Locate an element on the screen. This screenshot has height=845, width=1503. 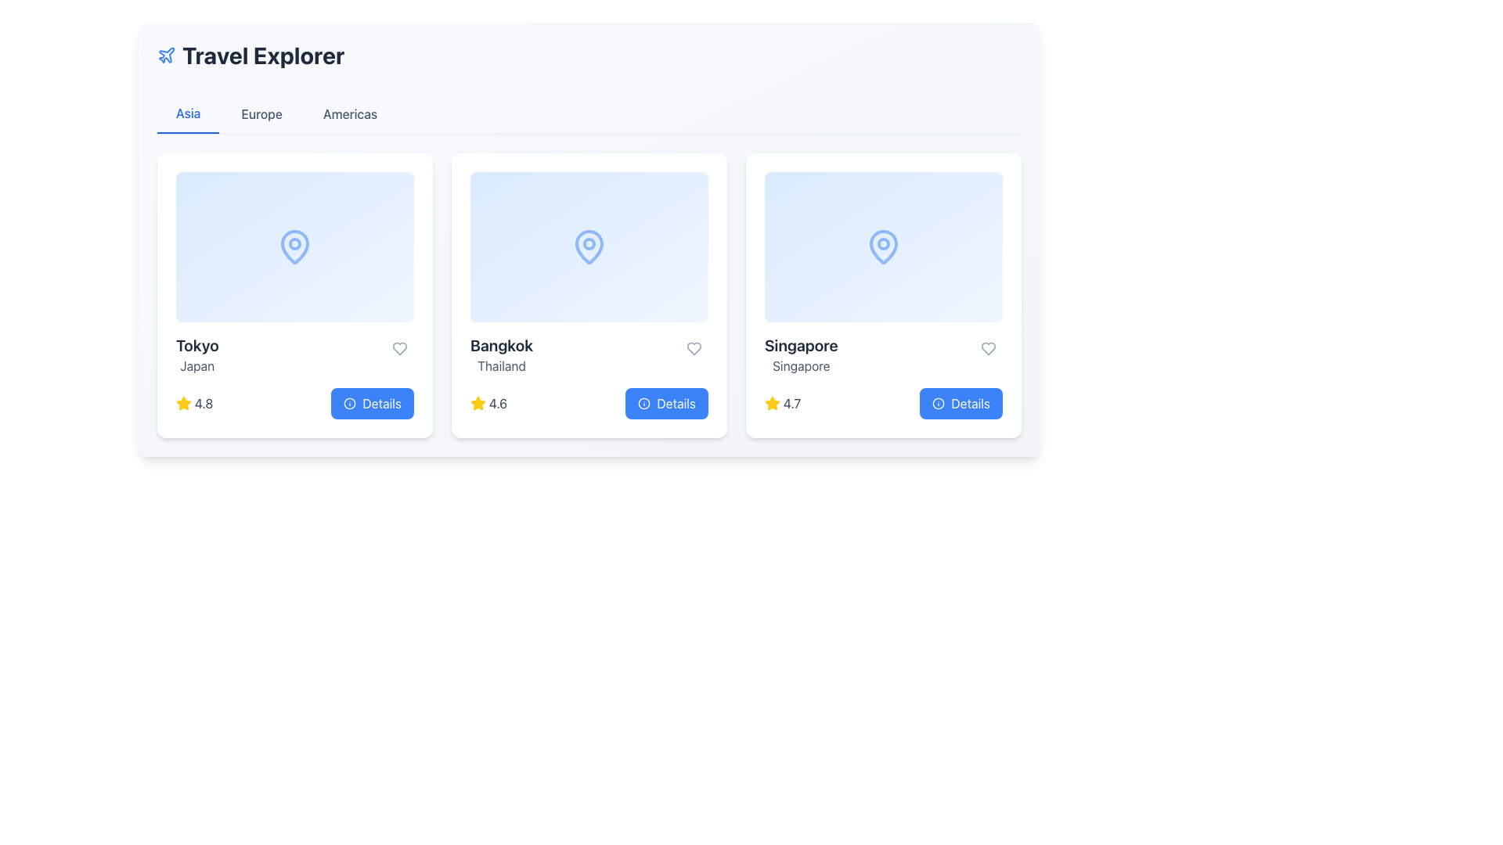
central circular vector graphic of the information icon integrated within the 'Details' button for the Singapore card by clicking on it is located at coordinates (939, 403).